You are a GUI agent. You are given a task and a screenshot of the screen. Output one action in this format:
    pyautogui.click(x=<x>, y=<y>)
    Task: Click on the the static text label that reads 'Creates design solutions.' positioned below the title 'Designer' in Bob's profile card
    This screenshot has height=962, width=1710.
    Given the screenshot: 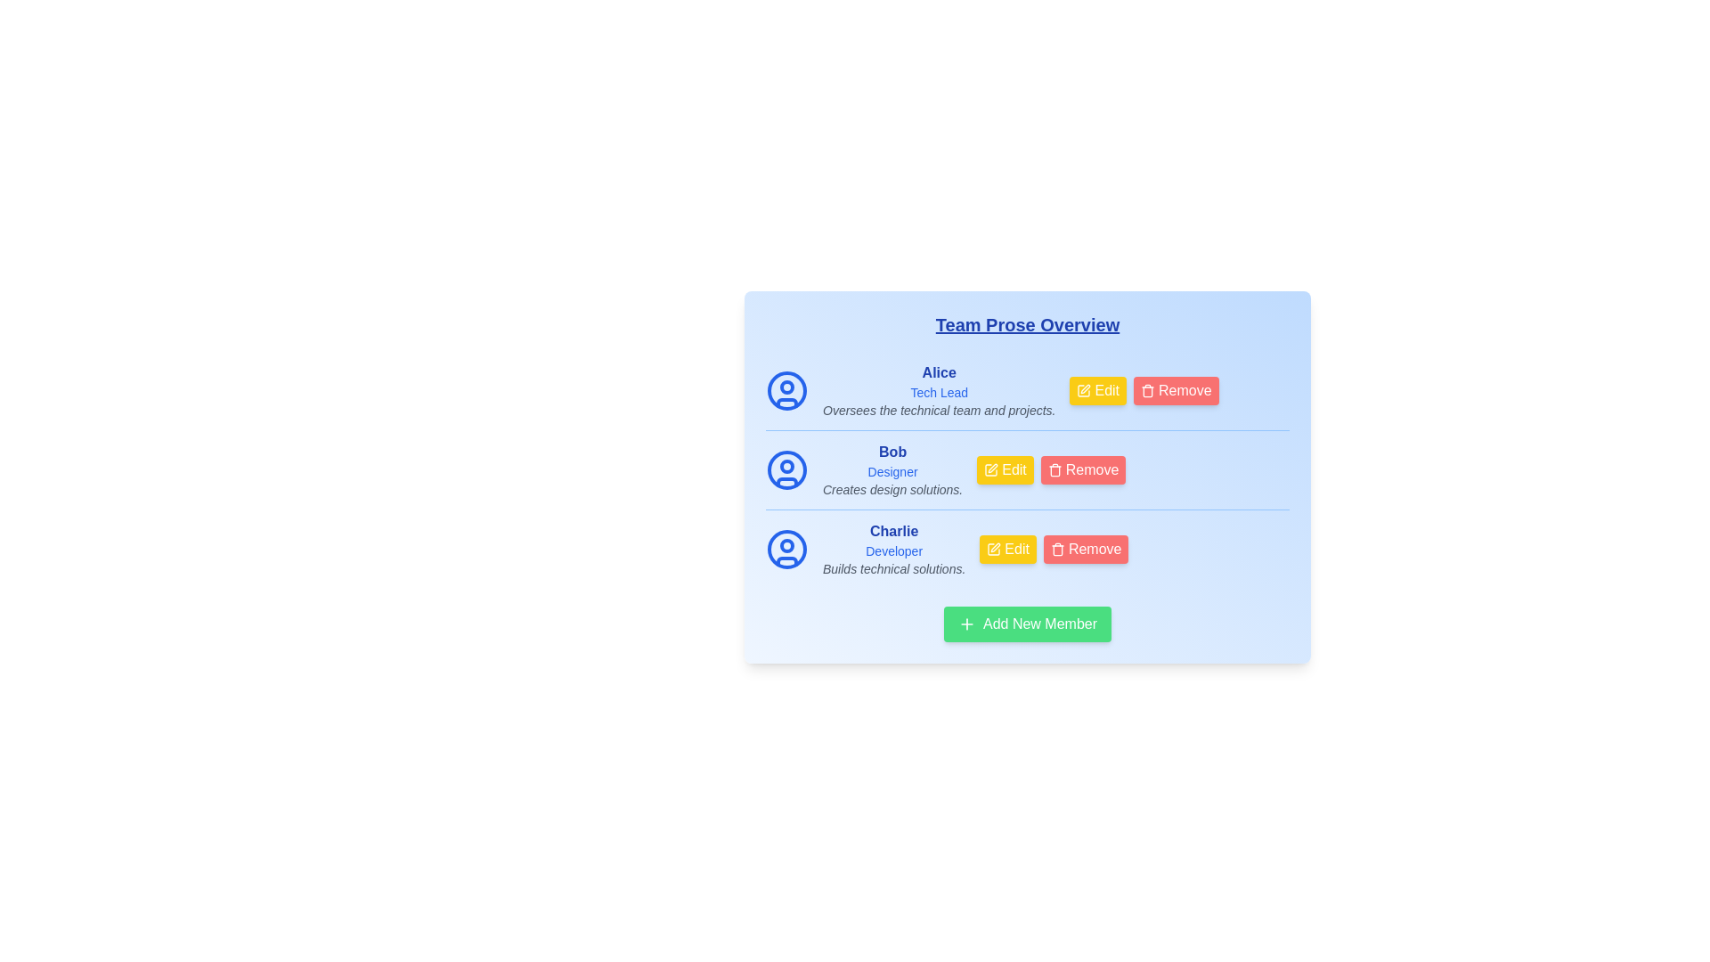 What is the action you would take?
    pyautogui.click(x=892, y=490)
    